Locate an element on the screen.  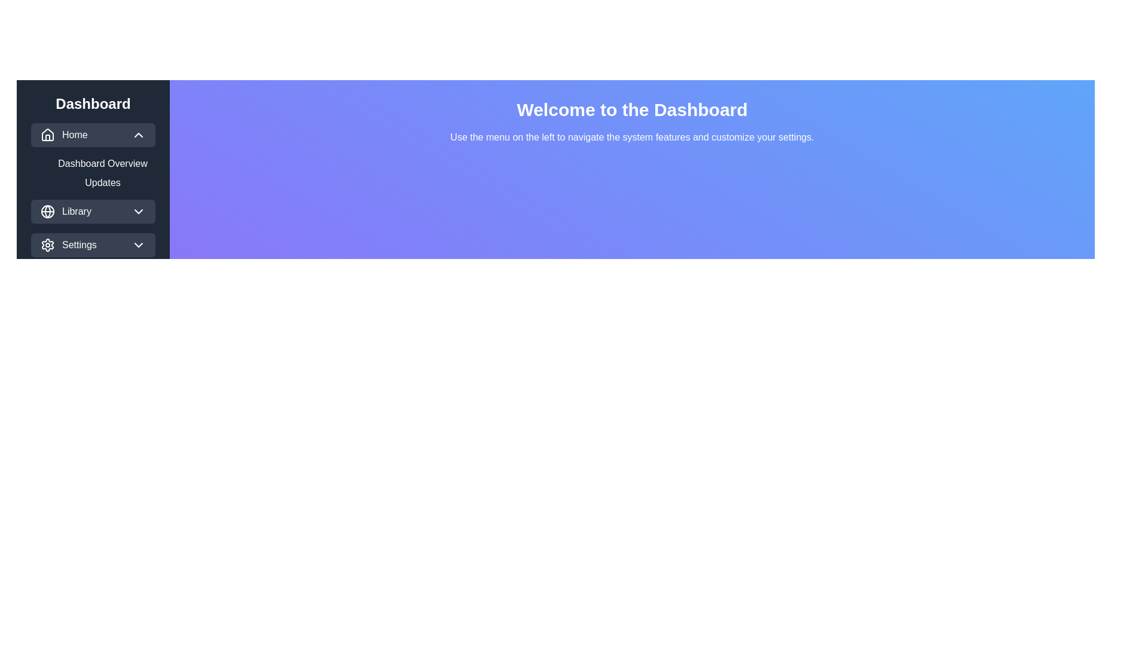
the static text element styled as a heading indicating 'Dashboard', located at the top of the sidebar is located at coordinates (93, 103).